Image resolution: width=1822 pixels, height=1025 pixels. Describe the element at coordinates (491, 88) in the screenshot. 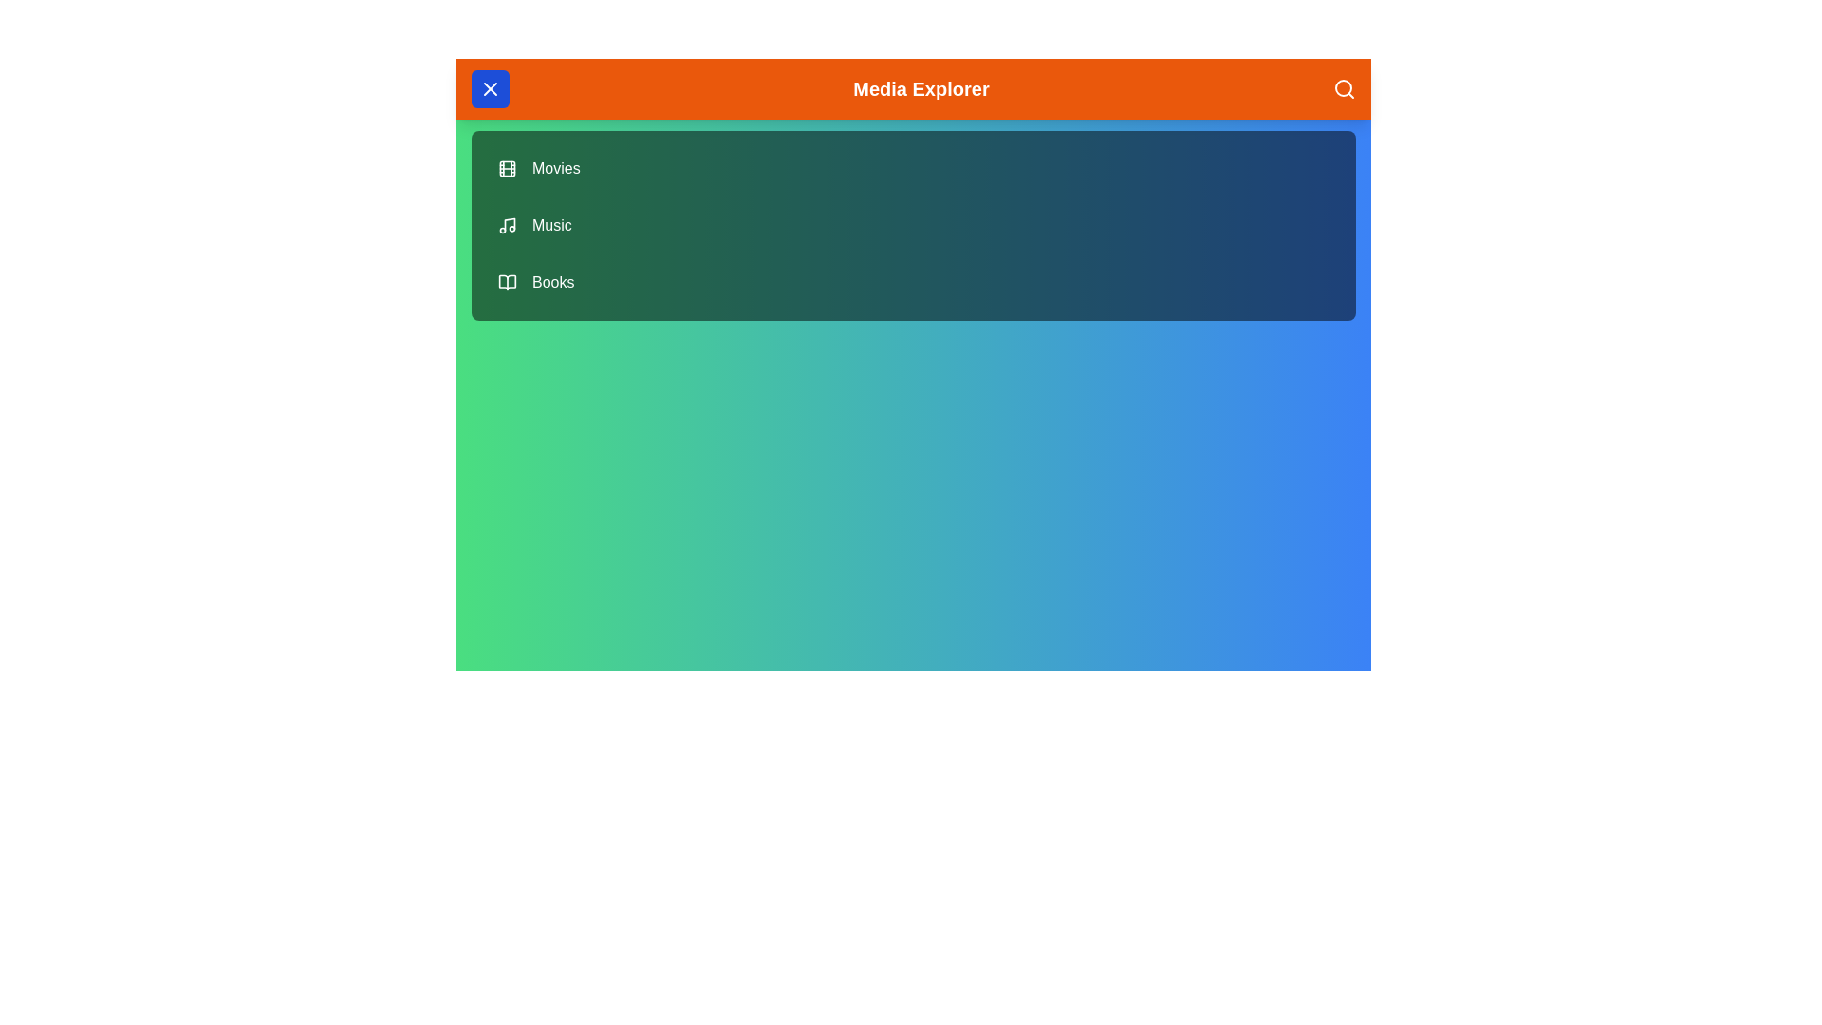

I see `the toggle button to change the menu visibility` at that location.